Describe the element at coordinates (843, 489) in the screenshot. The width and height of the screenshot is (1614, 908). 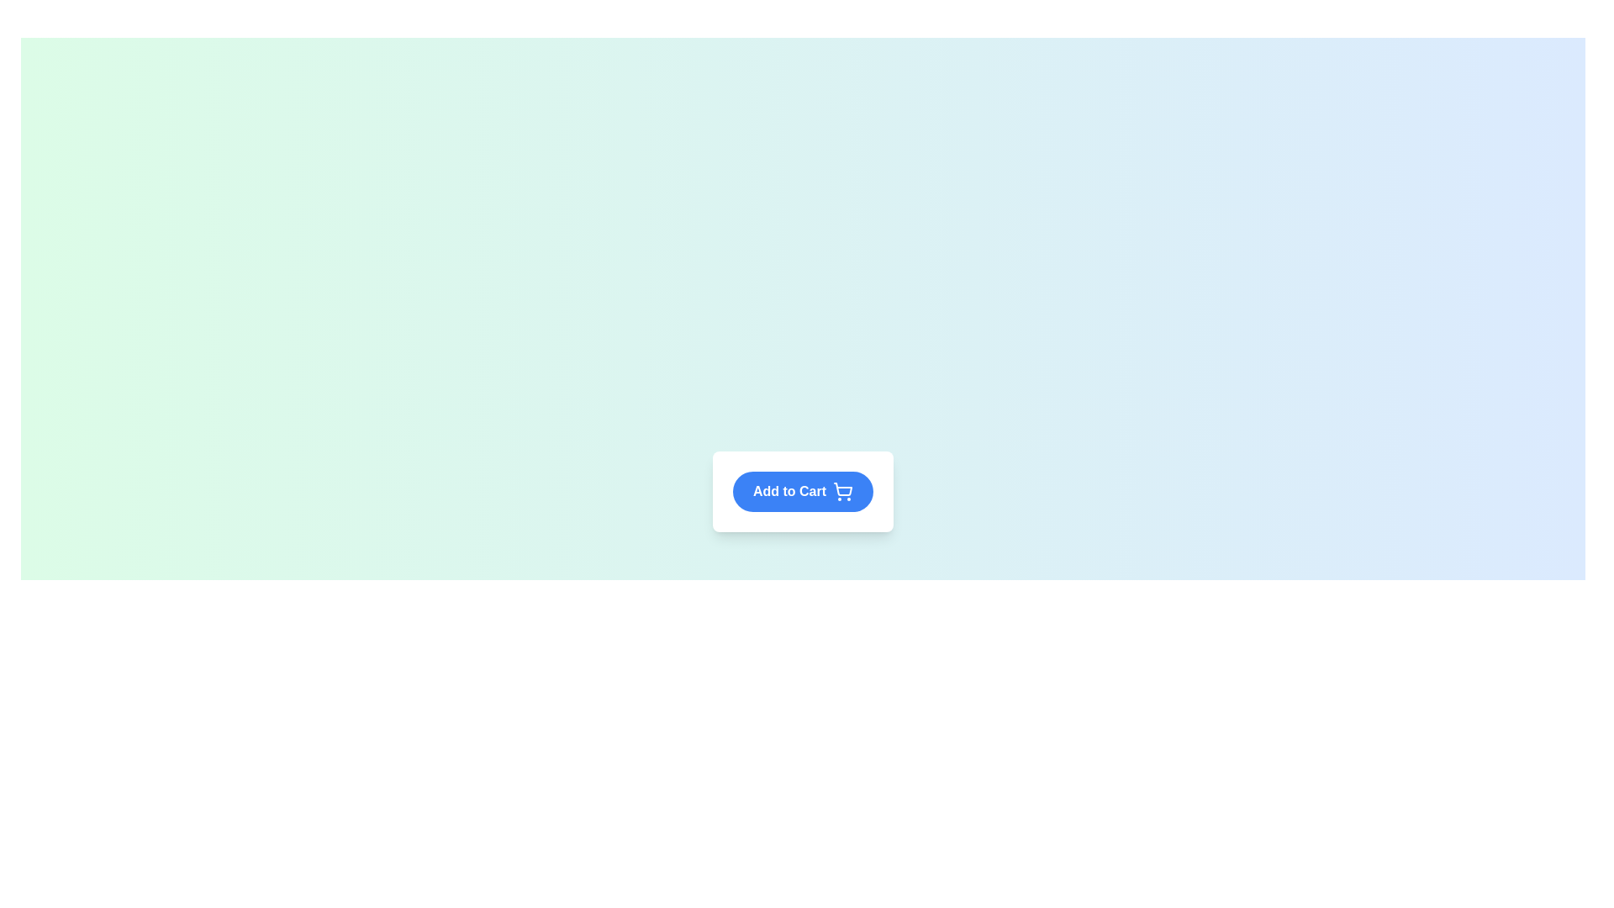
I see `the shopping cart icon, which is a white stroke icon with a blue background, located to the right of the 'Add to Cart' text` at that location.